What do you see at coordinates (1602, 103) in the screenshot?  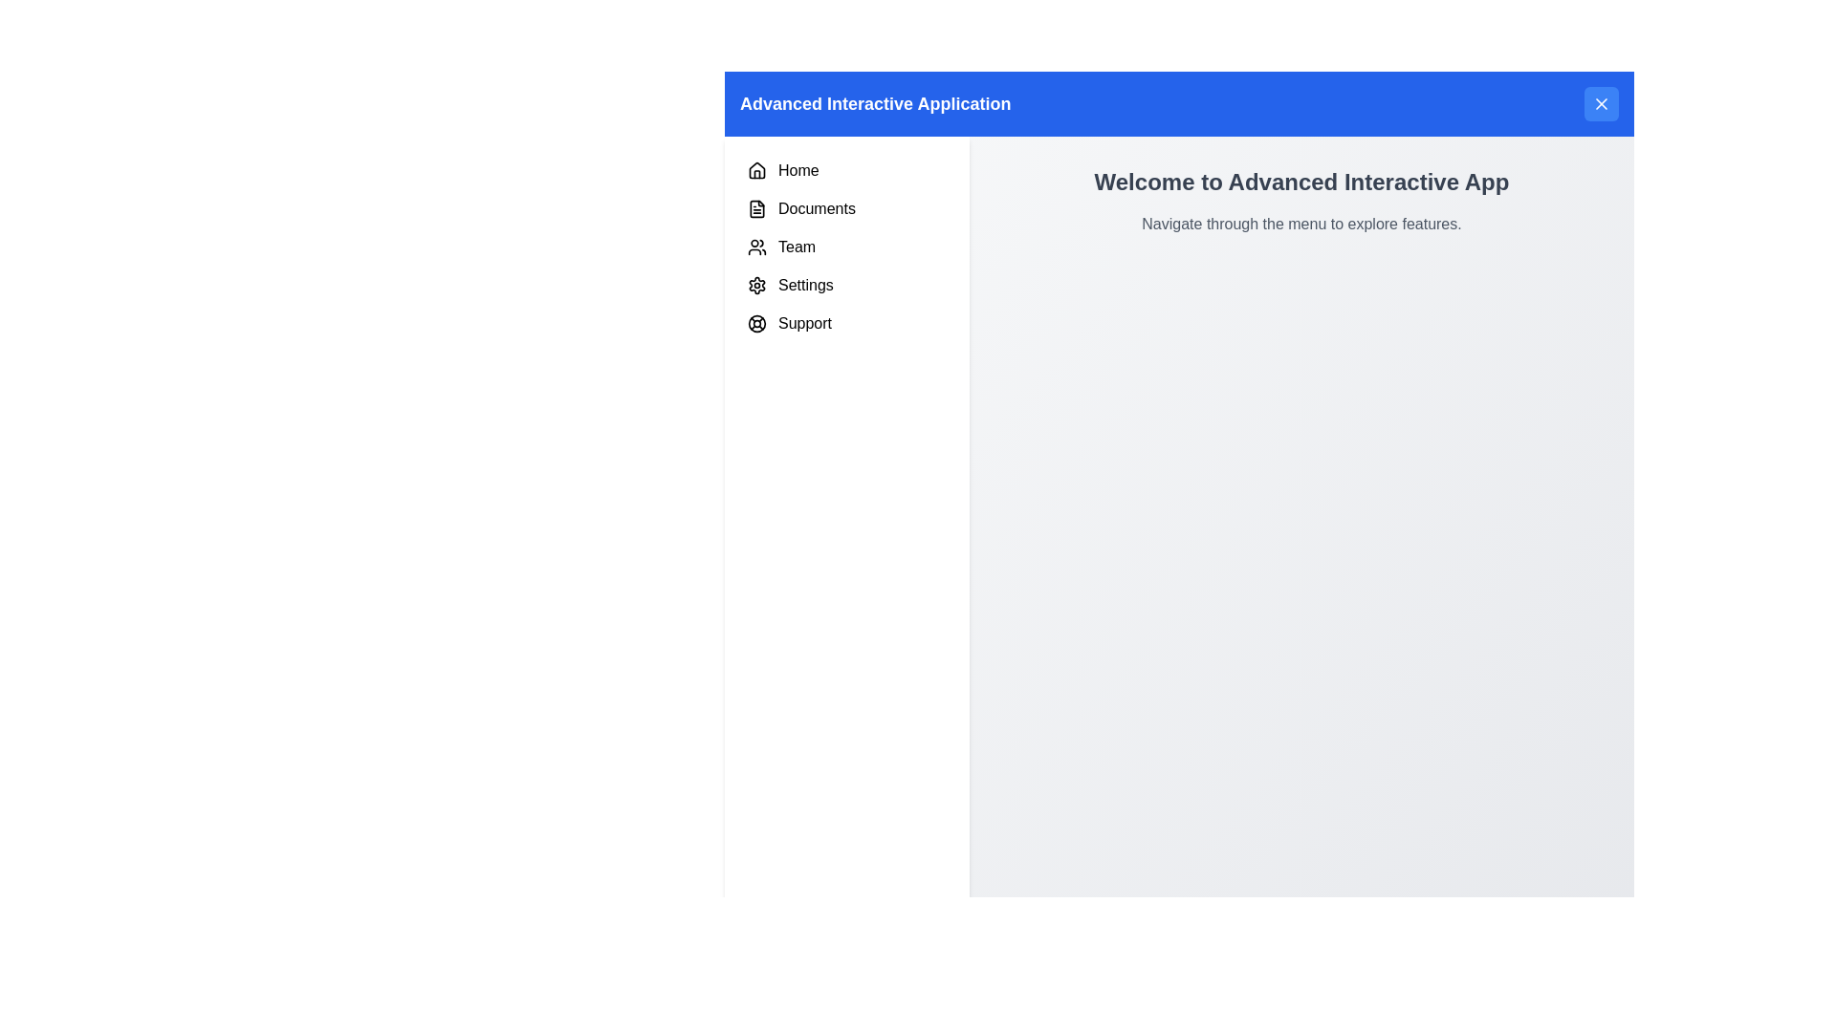 I see `the Close Button, represented by a small 'X' icon with a blue background and white cross lines, located in the top-right corner of the blue header bar` at bounding box center [1602, 103].